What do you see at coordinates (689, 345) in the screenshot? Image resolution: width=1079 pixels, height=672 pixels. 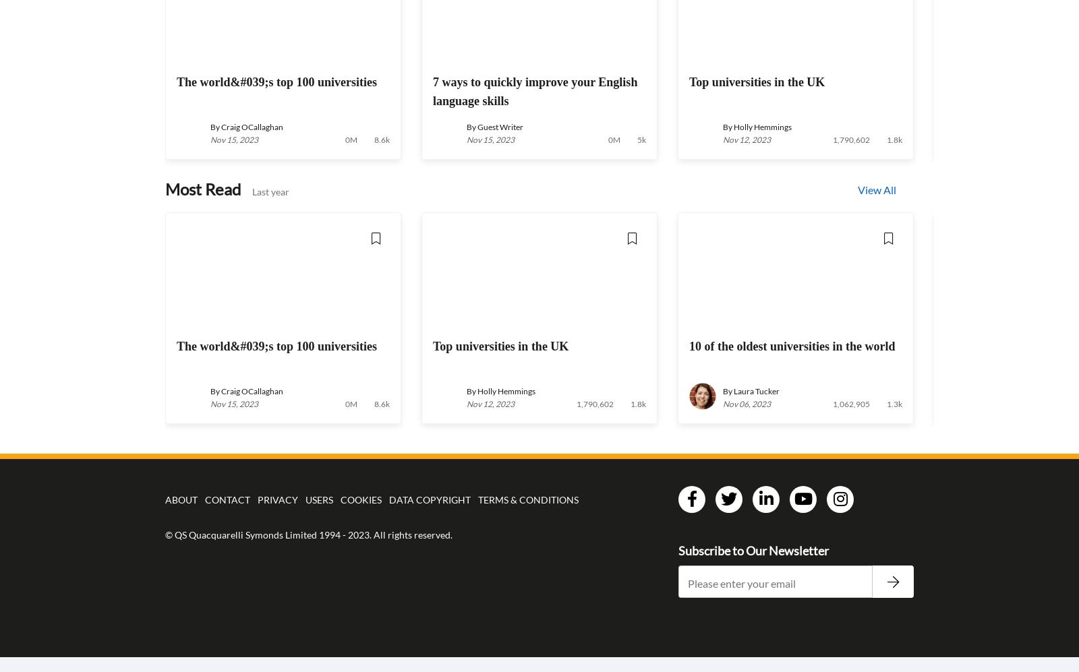 I see `'10 of the oldest universities in the world'` at bounding box center [689, 345].